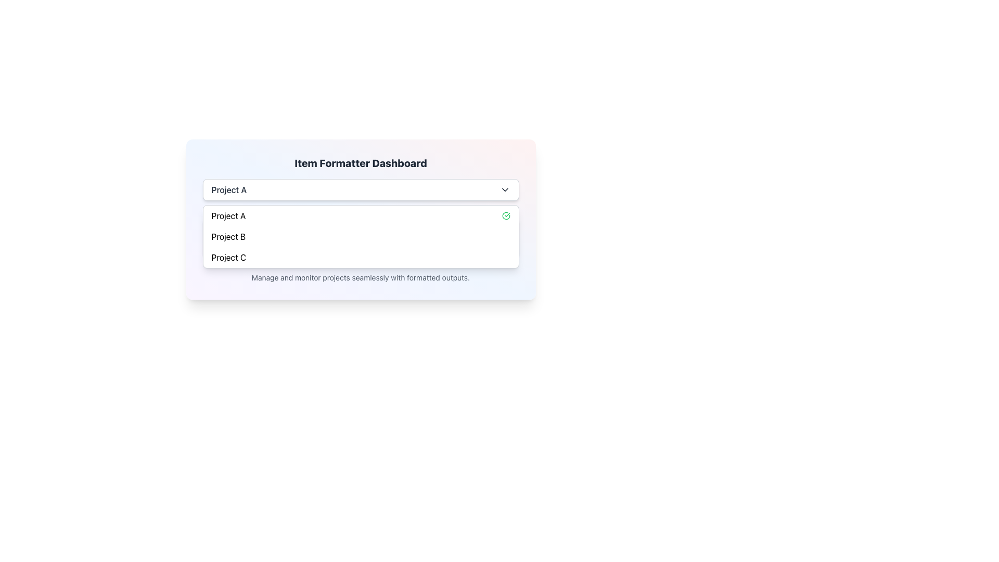  Describe the element at coordinates (505, 190) in the screenshot. I see `the chevron SVG icon located to the right of the 'Project A' label` at that location.